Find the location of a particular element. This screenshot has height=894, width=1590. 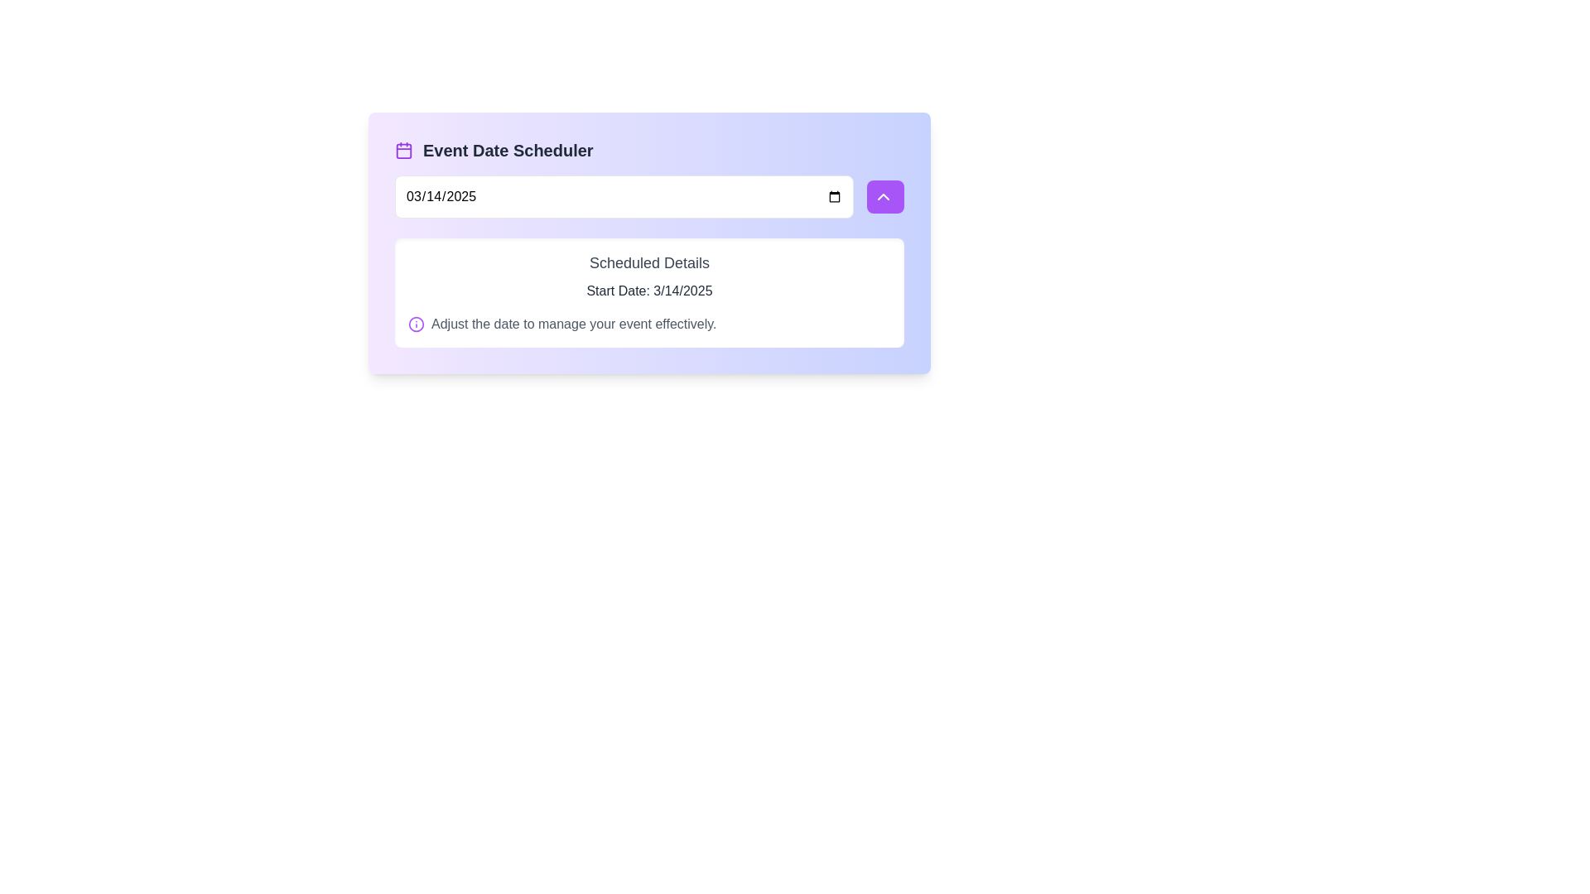

the Date Input Field, which is a rectangular input box displaying '03/14/2025', to change the date value is located at coordinates (624, 196).